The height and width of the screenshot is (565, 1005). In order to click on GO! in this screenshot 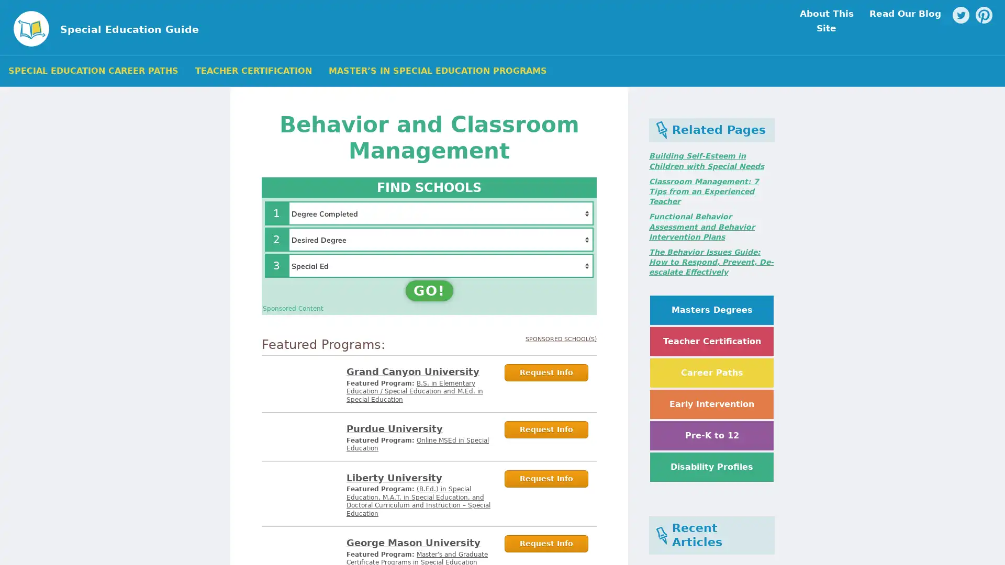, I will do `click(429, 290)`.